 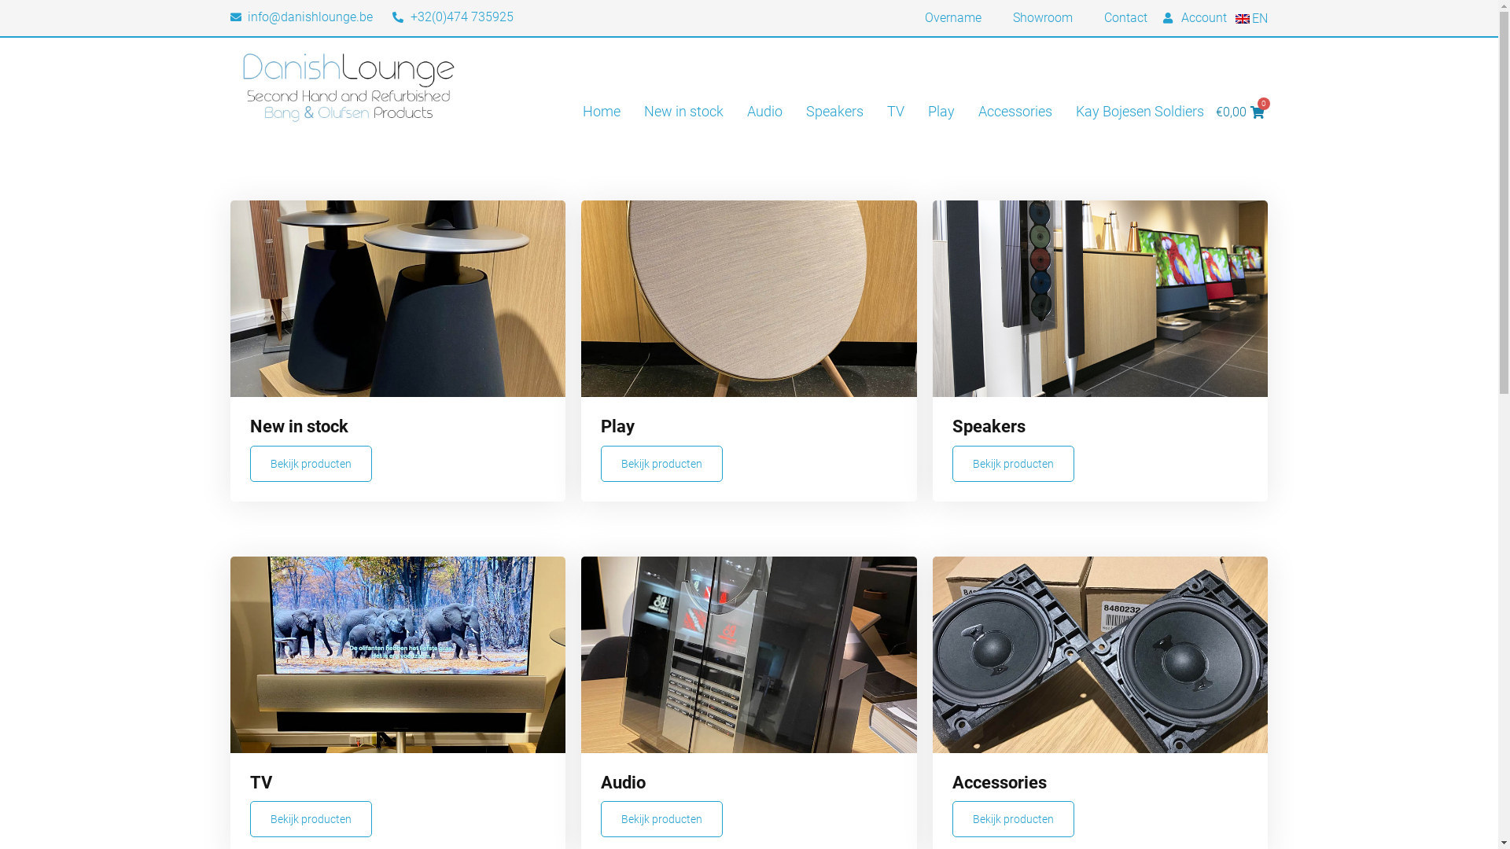 I want to click on 'Kay Bojesen Soldiers', so click(x=1140, y=111).